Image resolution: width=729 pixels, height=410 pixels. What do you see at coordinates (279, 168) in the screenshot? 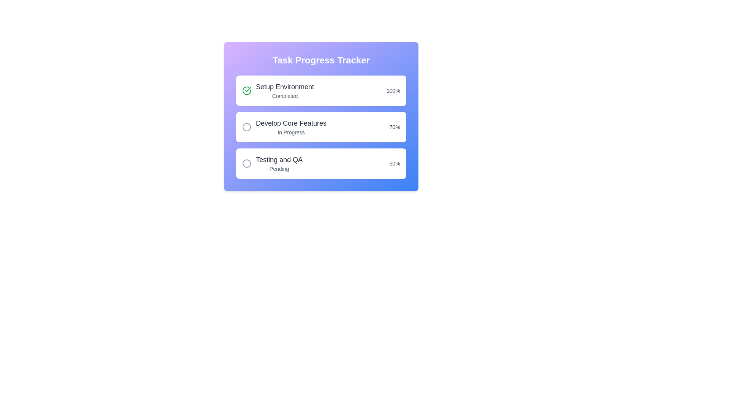
I see `the 'Pending' label located below the 'Testing and QA' heading in the progress tracker interface` at bounding box center [279, 168].